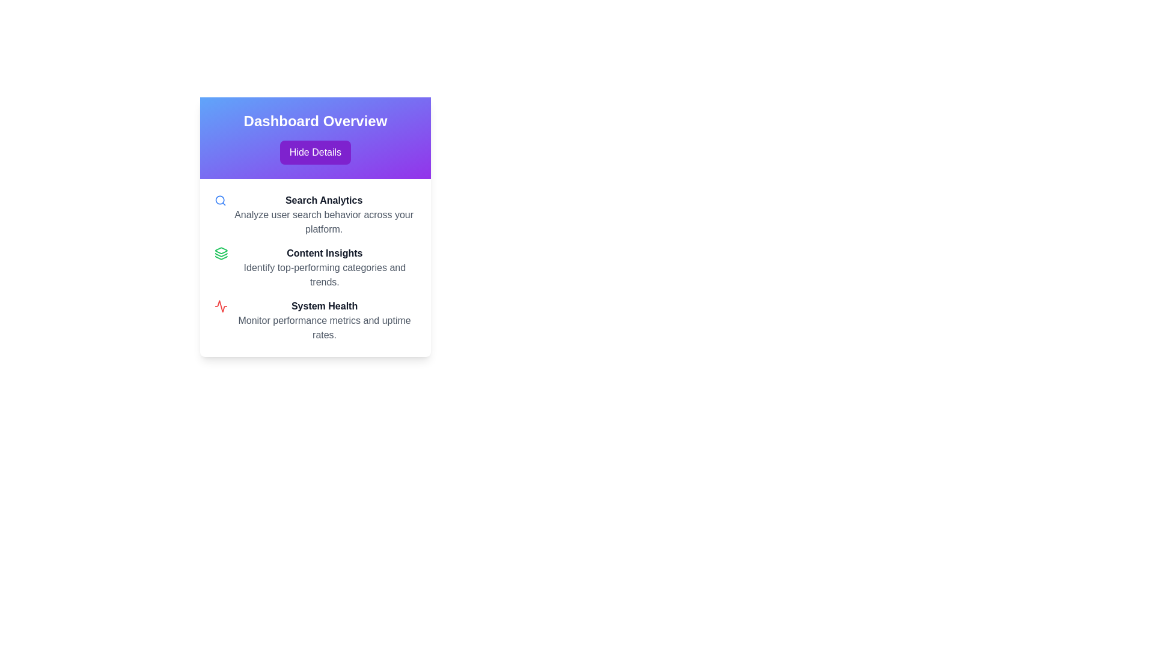  What do you see at coordinates (324, 222) in the screenshot?
I see `the descriptive text element about 'Search Analytics'` at bounding box center [324, 222].